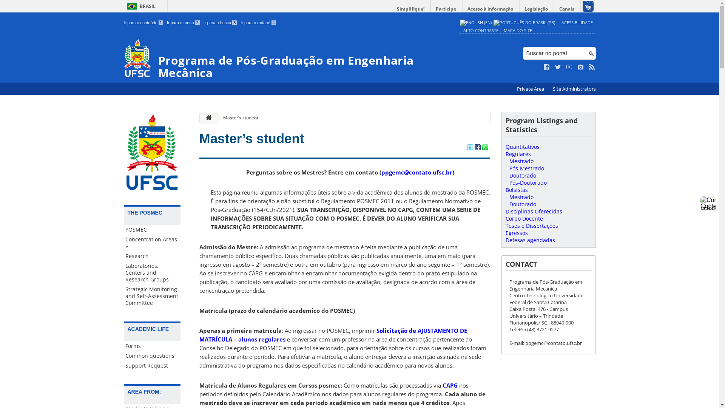  I want to click on 'Mestrado', so click(521, 196).